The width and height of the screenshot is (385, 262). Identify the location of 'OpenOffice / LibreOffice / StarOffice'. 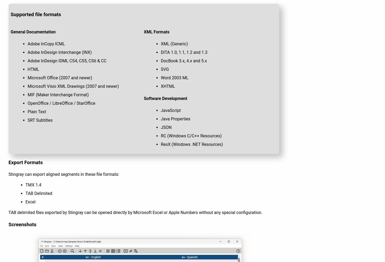
(61, 103).